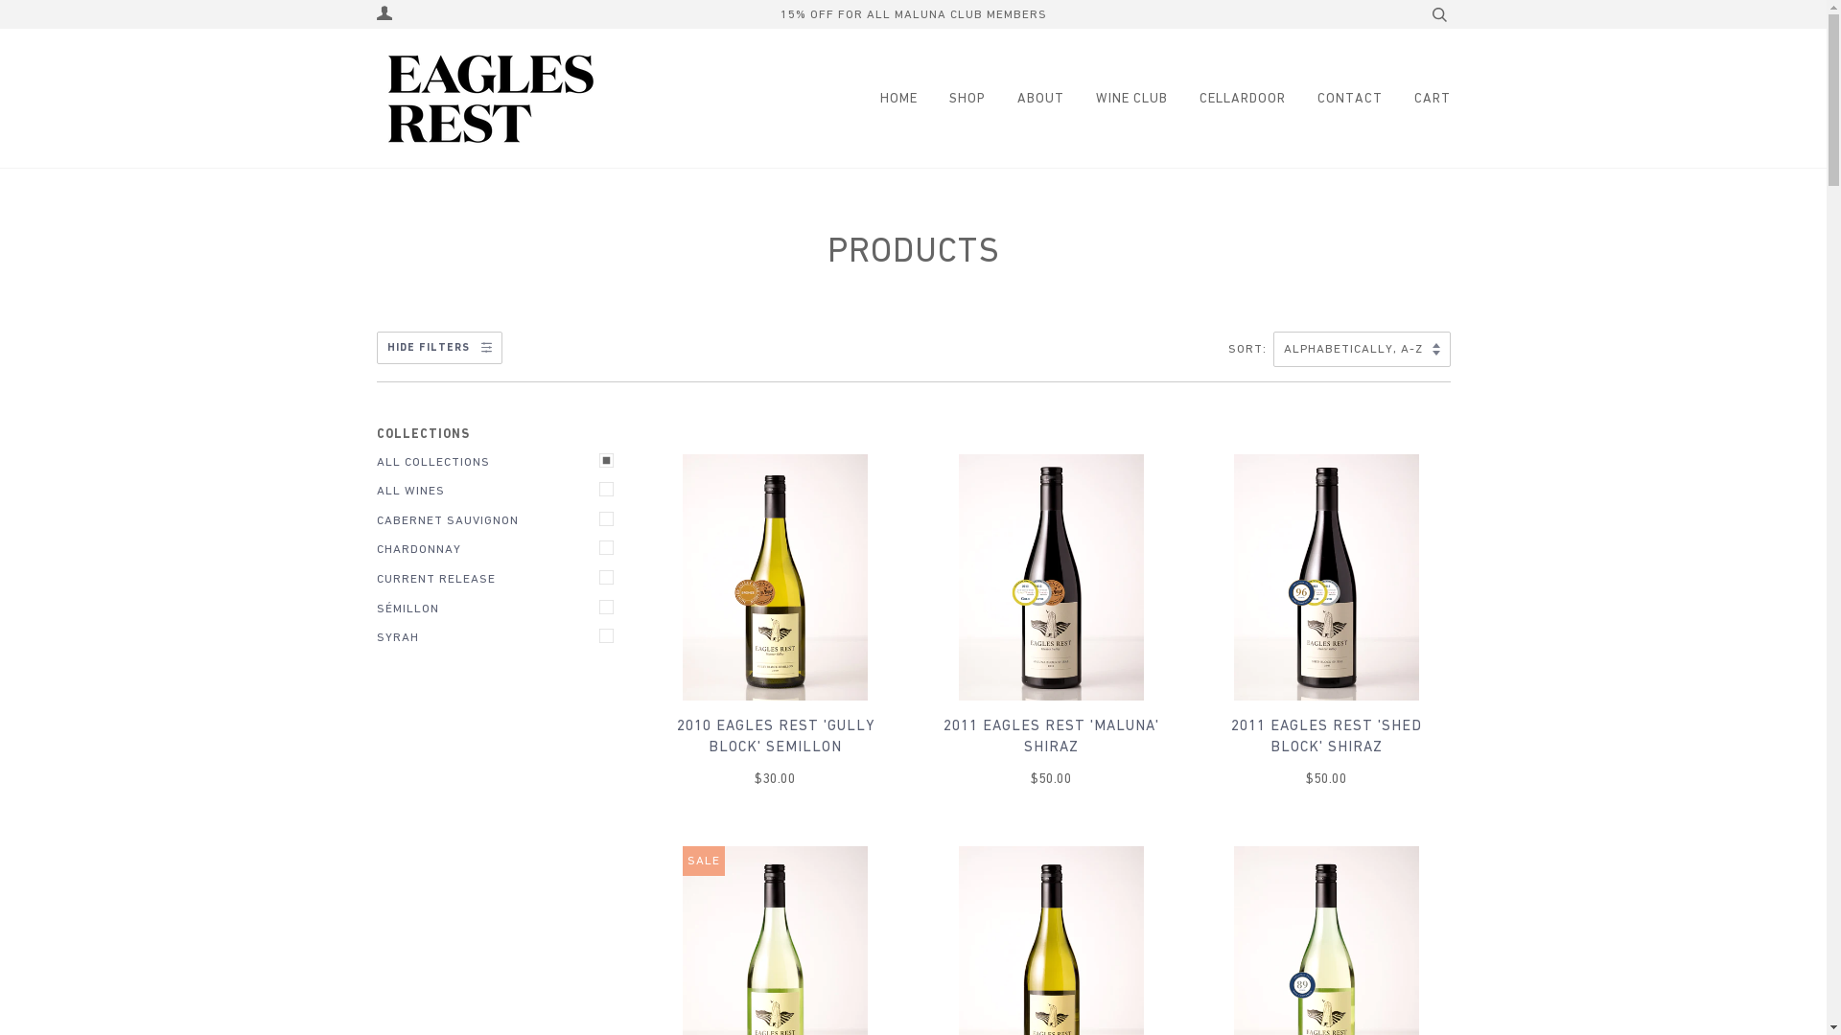 The width and height of the screenshot is (1841, 1035). What do you see at coordinates (500, 490) in the screenshot?
I see `'ALL WINES'` at bounding box center [500, 490].